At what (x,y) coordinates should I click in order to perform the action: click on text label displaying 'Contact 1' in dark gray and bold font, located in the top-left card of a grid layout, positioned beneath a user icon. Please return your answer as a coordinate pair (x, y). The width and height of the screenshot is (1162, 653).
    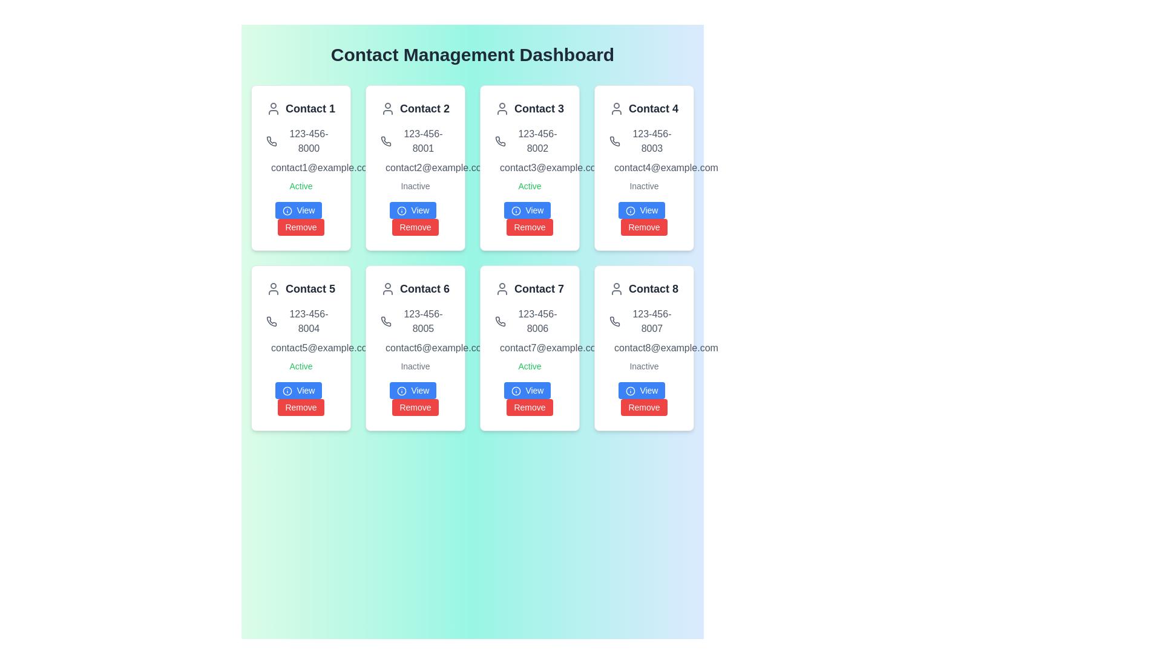
    Looking at the image, I should click on (310, 109).